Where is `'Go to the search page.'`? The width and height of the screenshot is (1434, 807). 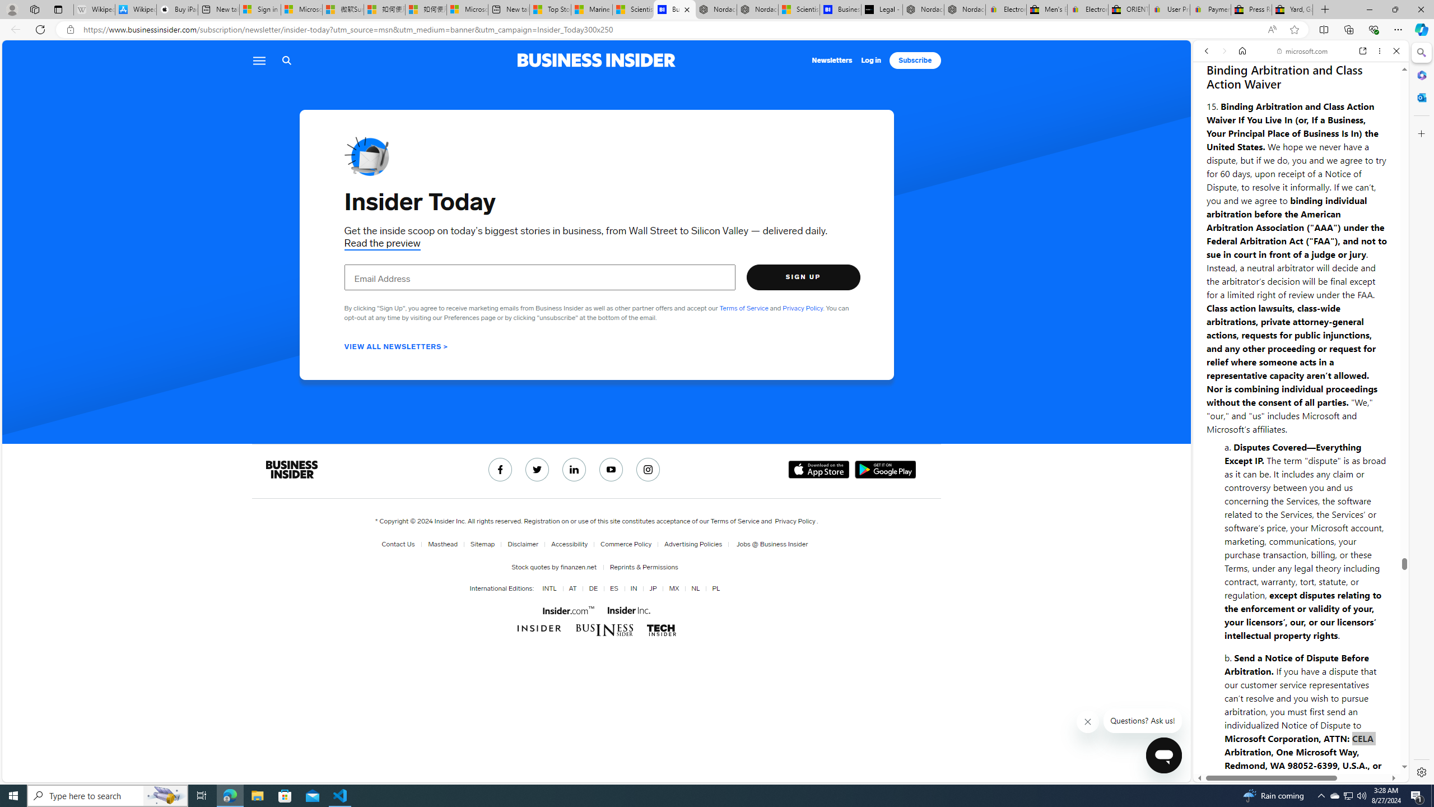
'Go to the search page.' is located at coordinates (286, 60).